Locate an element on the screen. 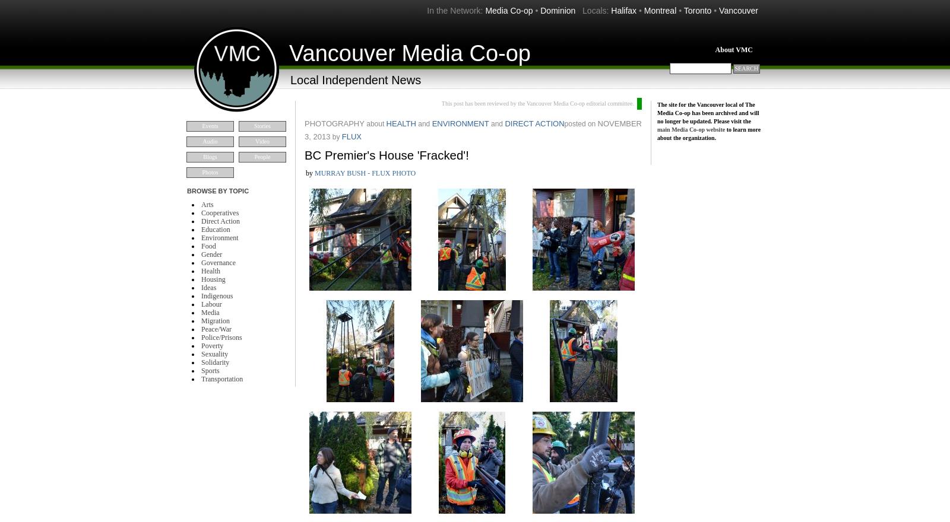 The width and height of the screenshot is (950, 522). 'Peace/War' is located at coordinates (216, 329).